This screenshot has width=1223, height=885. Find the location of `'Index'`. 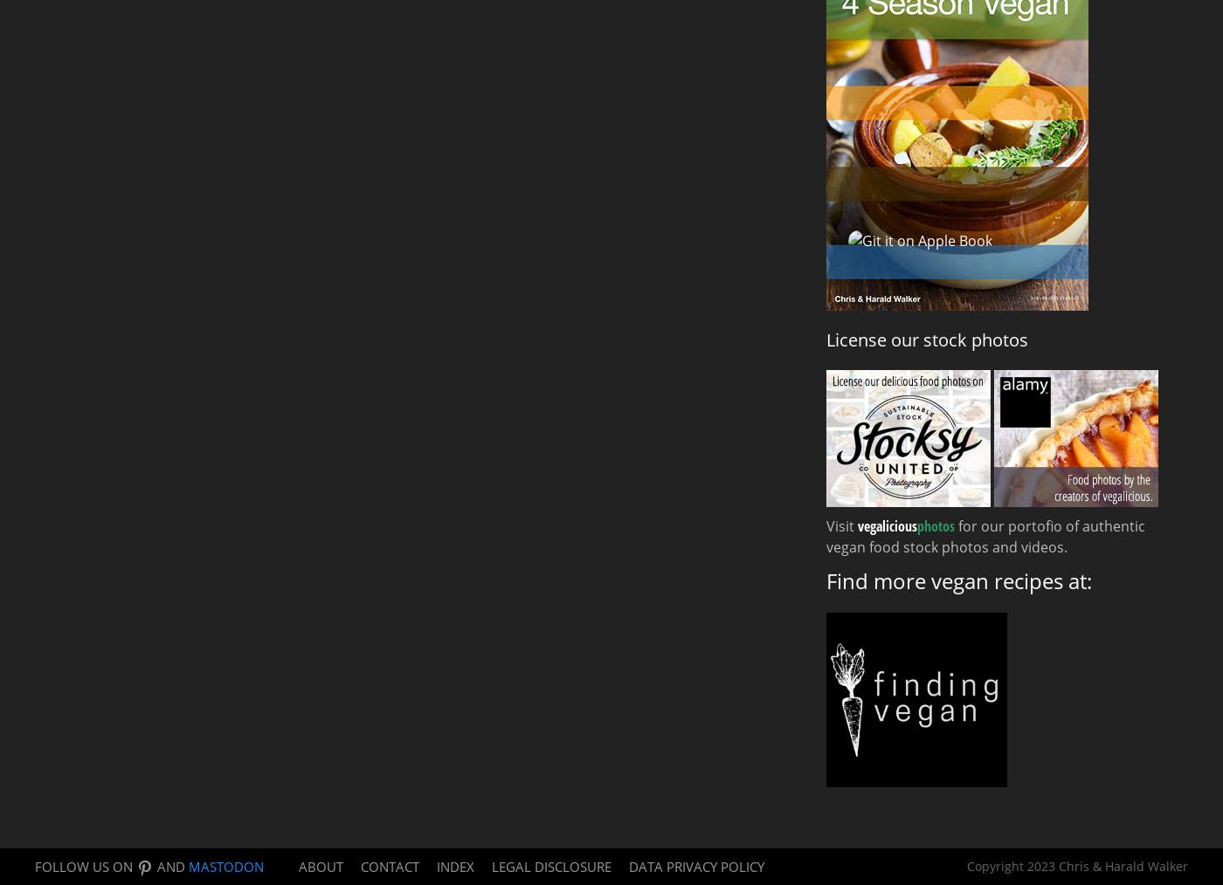

'Index' is located at coordinates (455, 865).